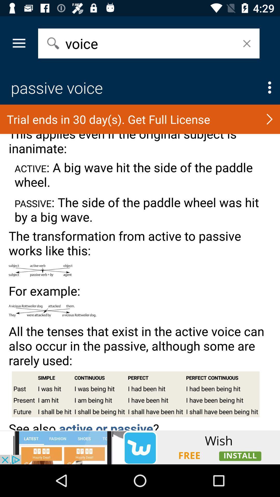 The height and width of the screenshot is (497, 280). What do you see at coordinates (269, 87) in the screenshot?
I see `customize` at bounding box center [269, 87].